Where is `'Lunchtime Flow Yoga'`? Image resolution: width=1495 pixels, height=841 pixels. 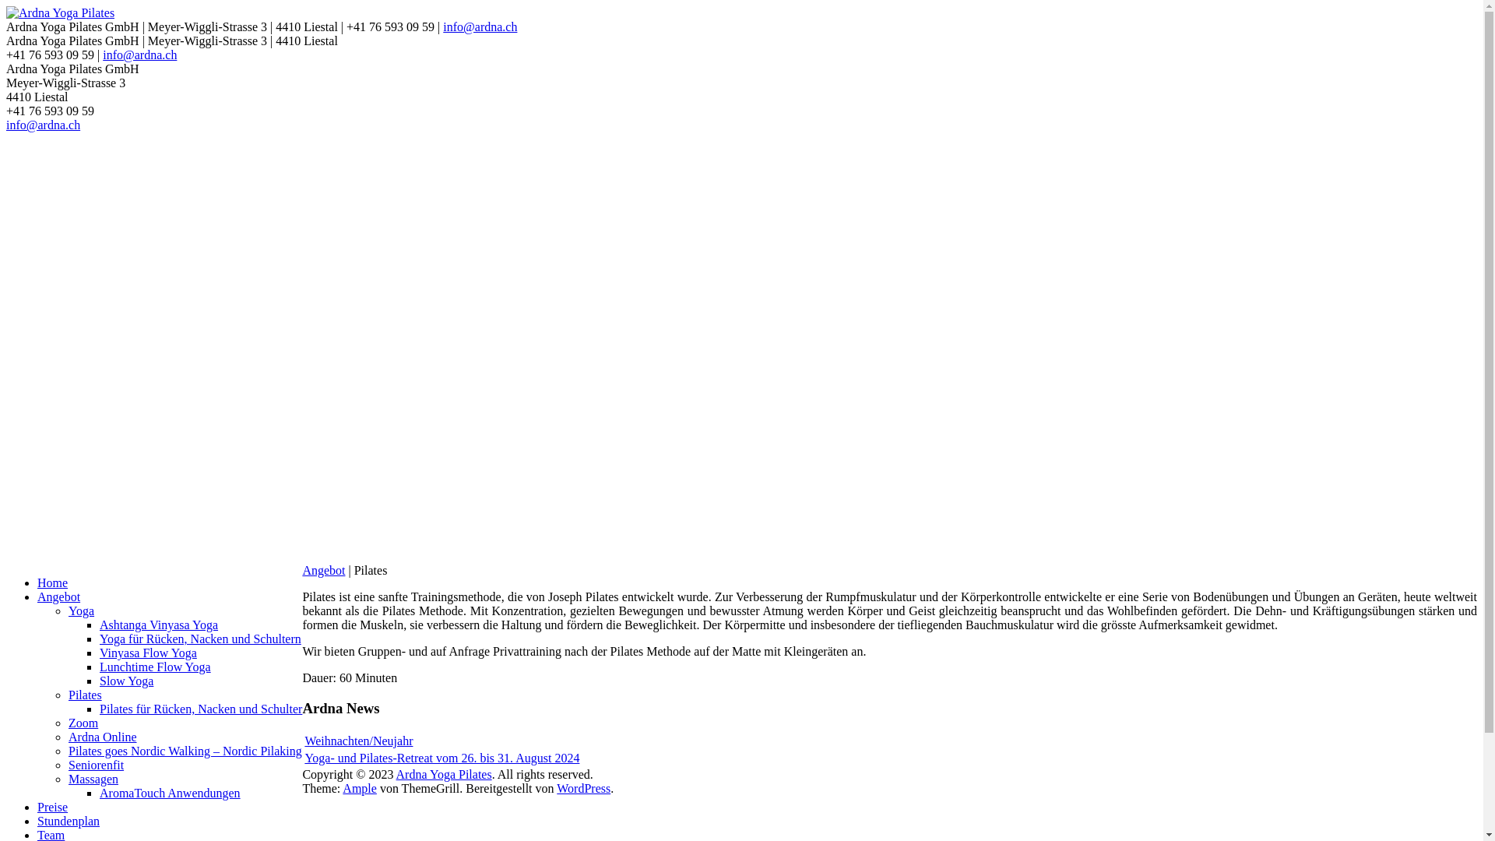
'Lunchtime Flow Yoga' is located at coordinates (155, 666).